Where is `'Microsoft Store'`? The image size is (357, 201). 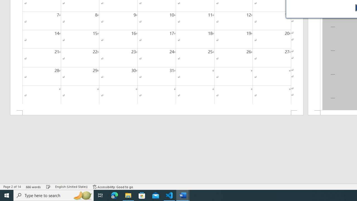
'Microsoft Store' is located at coordinates (142, 195).